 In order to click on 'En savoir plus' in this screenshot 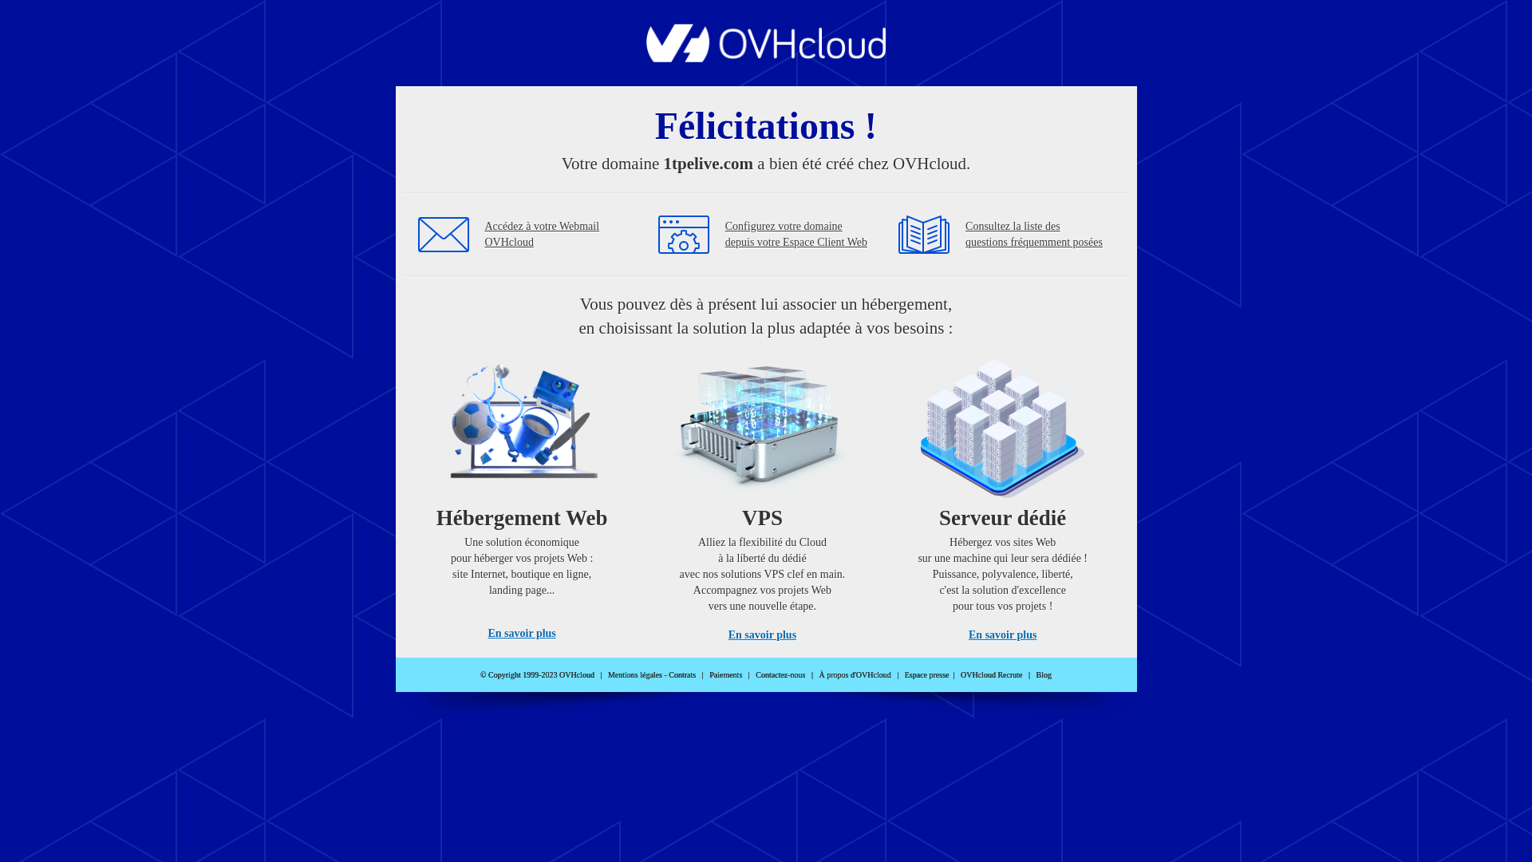, I will do `click(521, 632)`.